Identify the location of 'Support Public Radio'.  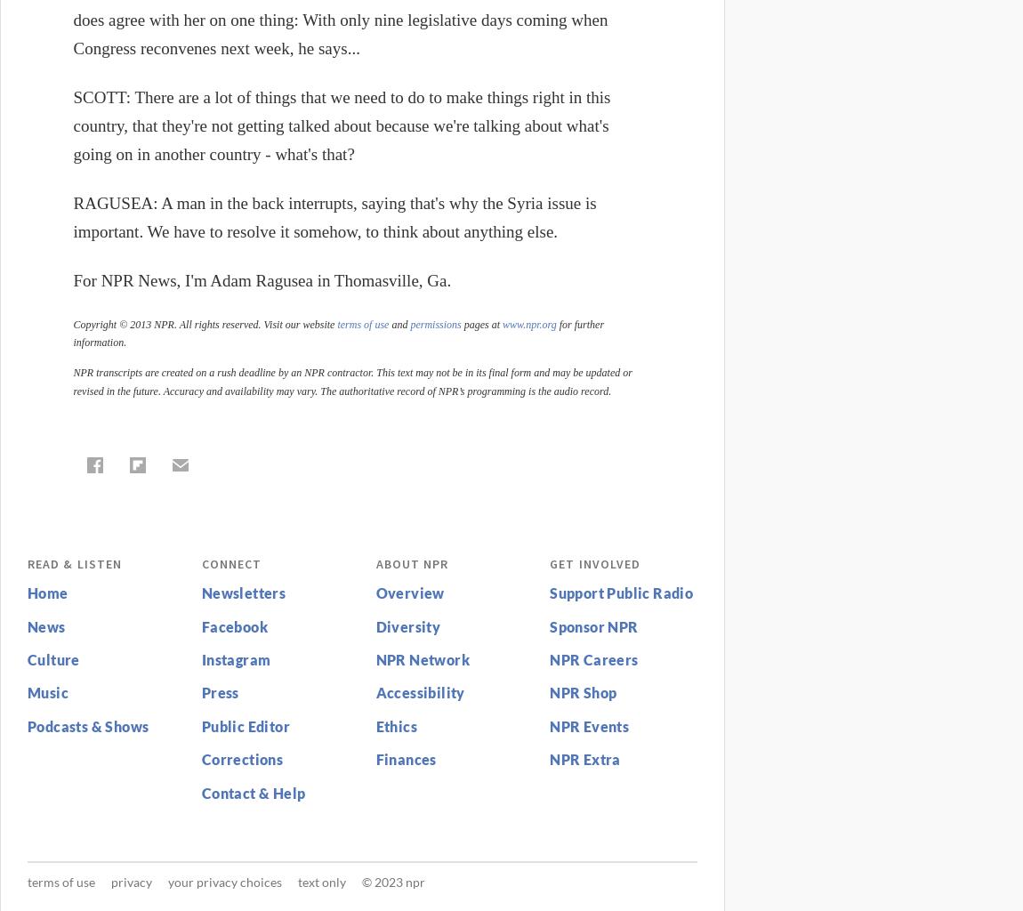
(620, 592).